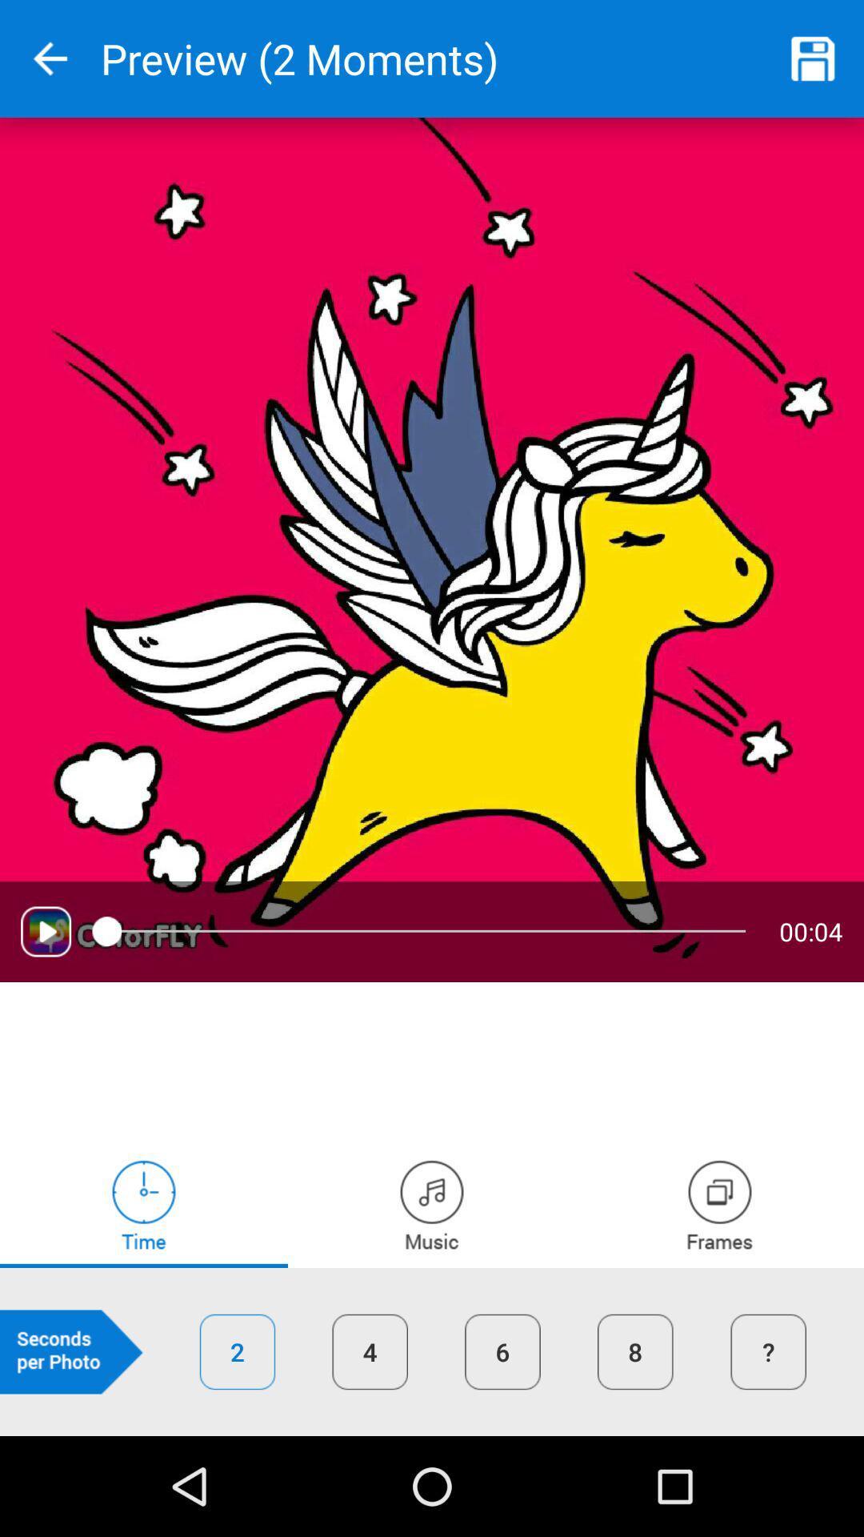 Image resolution: width=864 pixels, height=1537 pixels. Describe the element at coordinates (718, 1205) in the screenshot. I see `frames time` at that location.